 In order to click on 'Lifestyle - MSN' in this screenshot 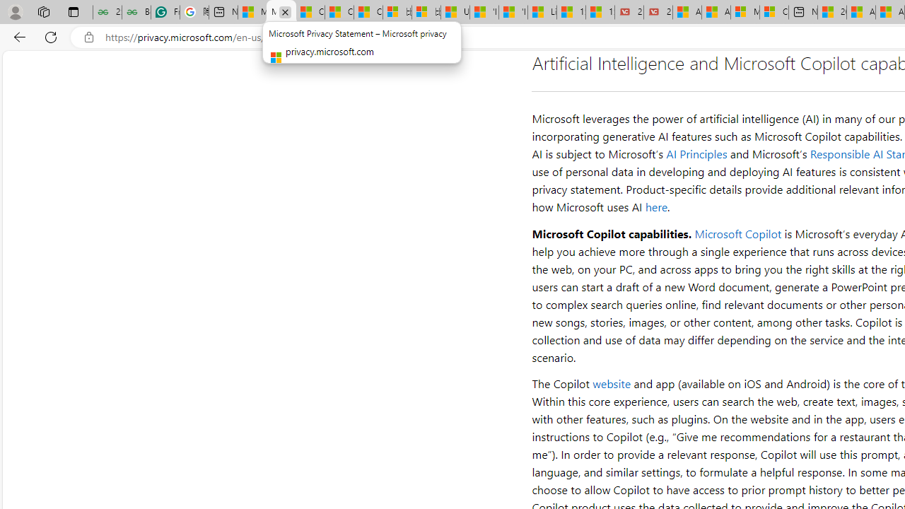, I will do `click(542, 12)`.